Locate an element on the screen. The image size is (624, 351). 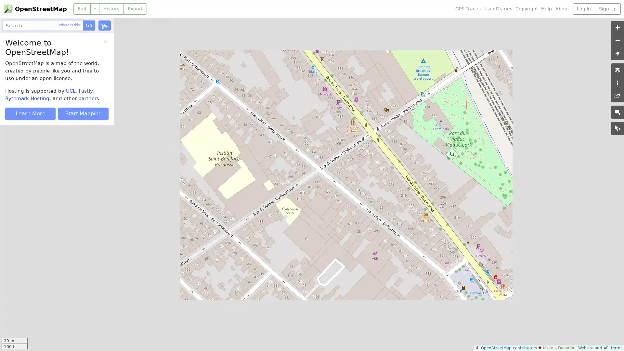
Go is located at coordinates (88, 25).